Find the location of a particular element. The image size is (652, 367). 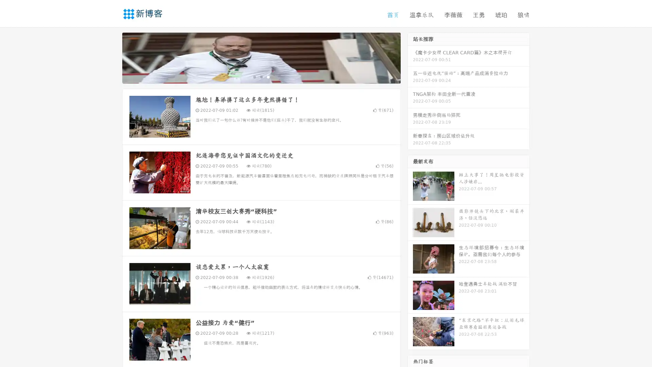

Go to slide 3 is located at coordinates (268, 76).